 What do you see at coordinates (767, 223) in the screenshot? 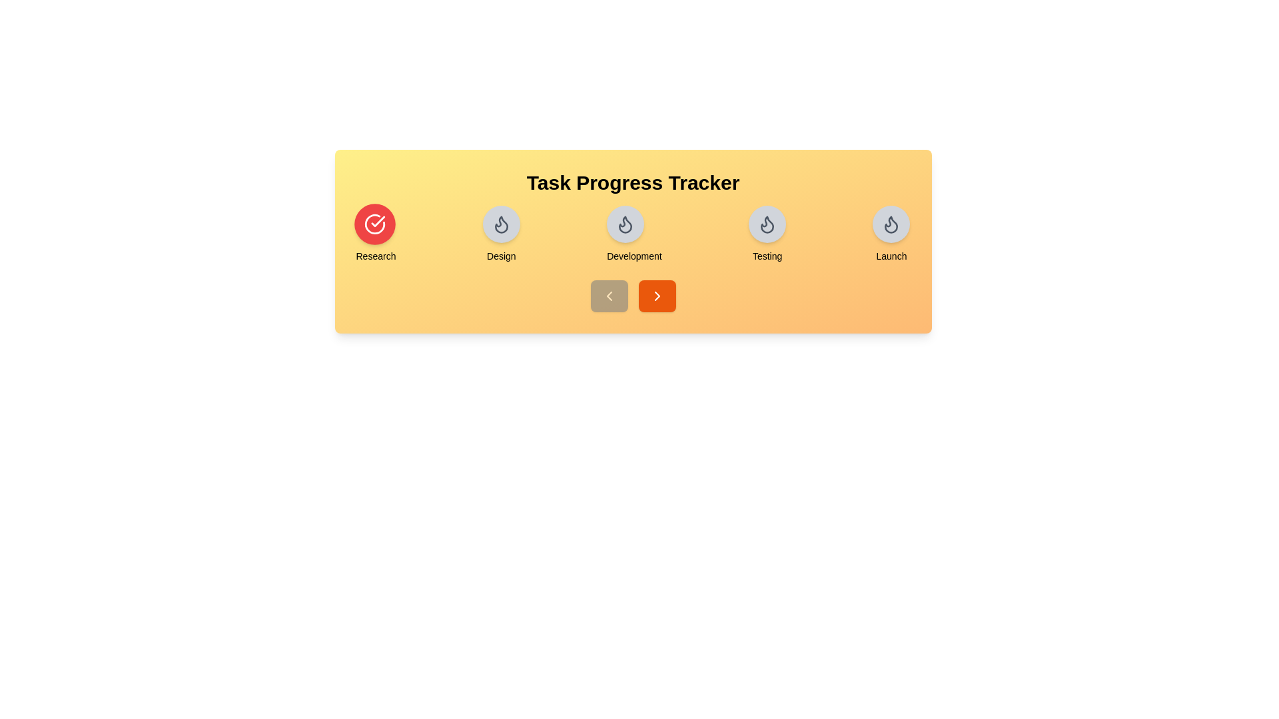
I see `the third circular button with a flame icon in the task progress tracker interface` at bounding box center [767, 223].